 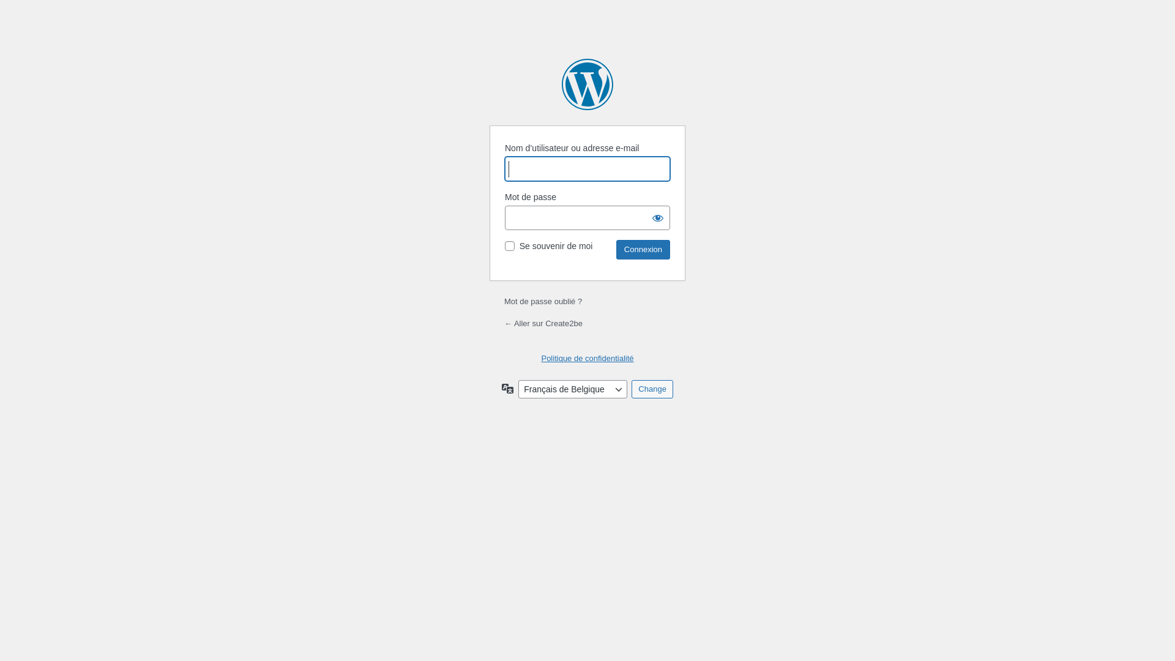 I want to click on 'Change', so click(x=651, y=389).